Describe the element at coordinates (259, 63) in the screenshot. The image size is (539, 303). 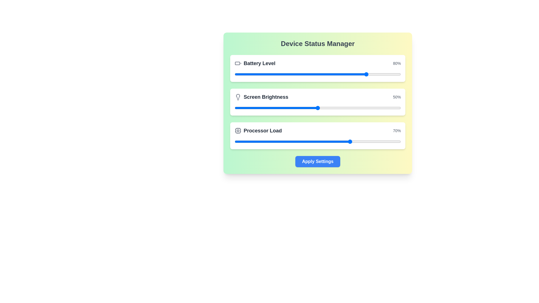
I see `text from the 'Battery Level' label, which is a large, bold dark gray text aligned next to a battery icon at the top center of the interface` at that location.